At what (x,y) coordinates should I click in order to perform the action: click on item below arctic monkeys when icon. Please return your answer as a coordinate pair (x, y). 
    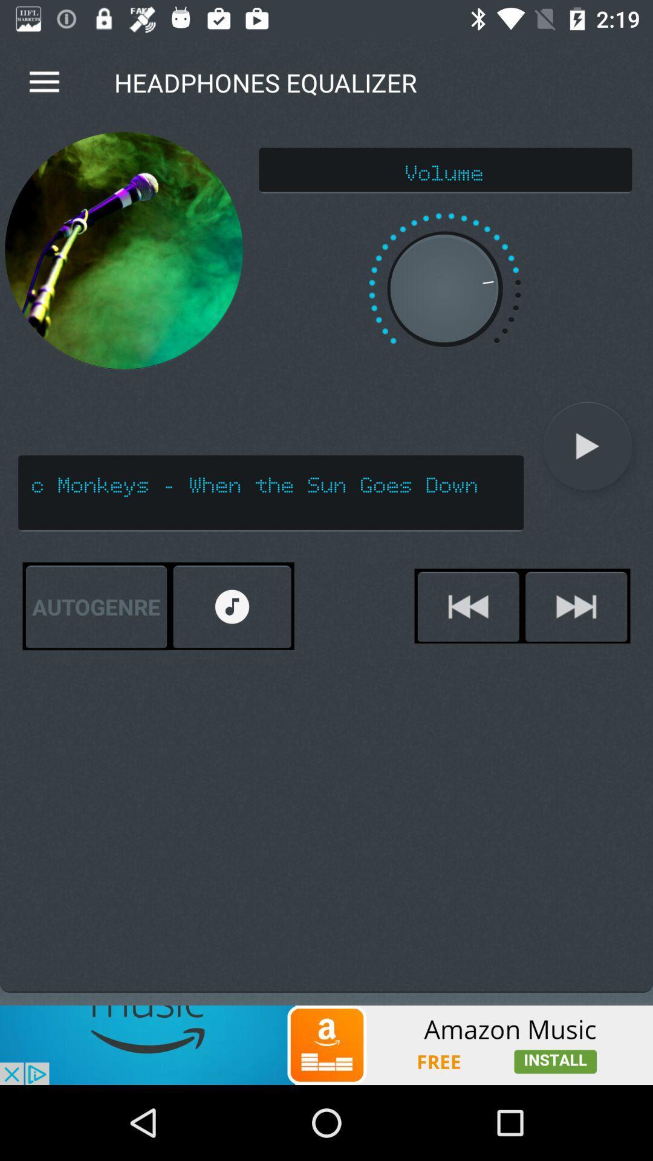
    Looking at the image, I should click on (96, 607).